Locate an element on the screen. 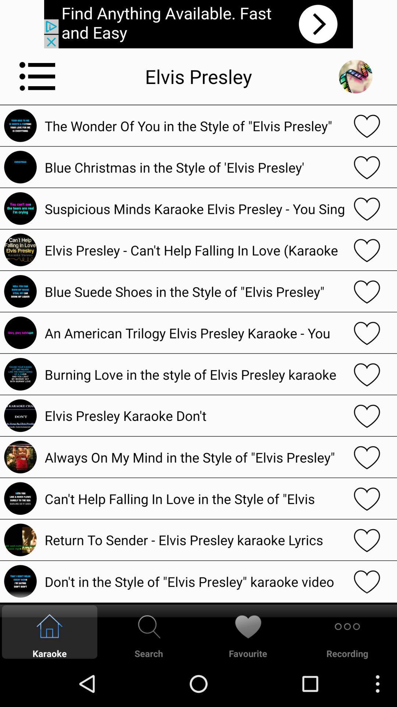 This screenshot has width=397, height=707. the option is located at coordinates (367, 166).